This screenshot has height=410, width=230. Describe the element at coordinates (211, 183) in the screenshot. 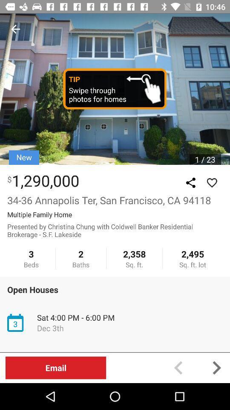

I see `option` at that location.